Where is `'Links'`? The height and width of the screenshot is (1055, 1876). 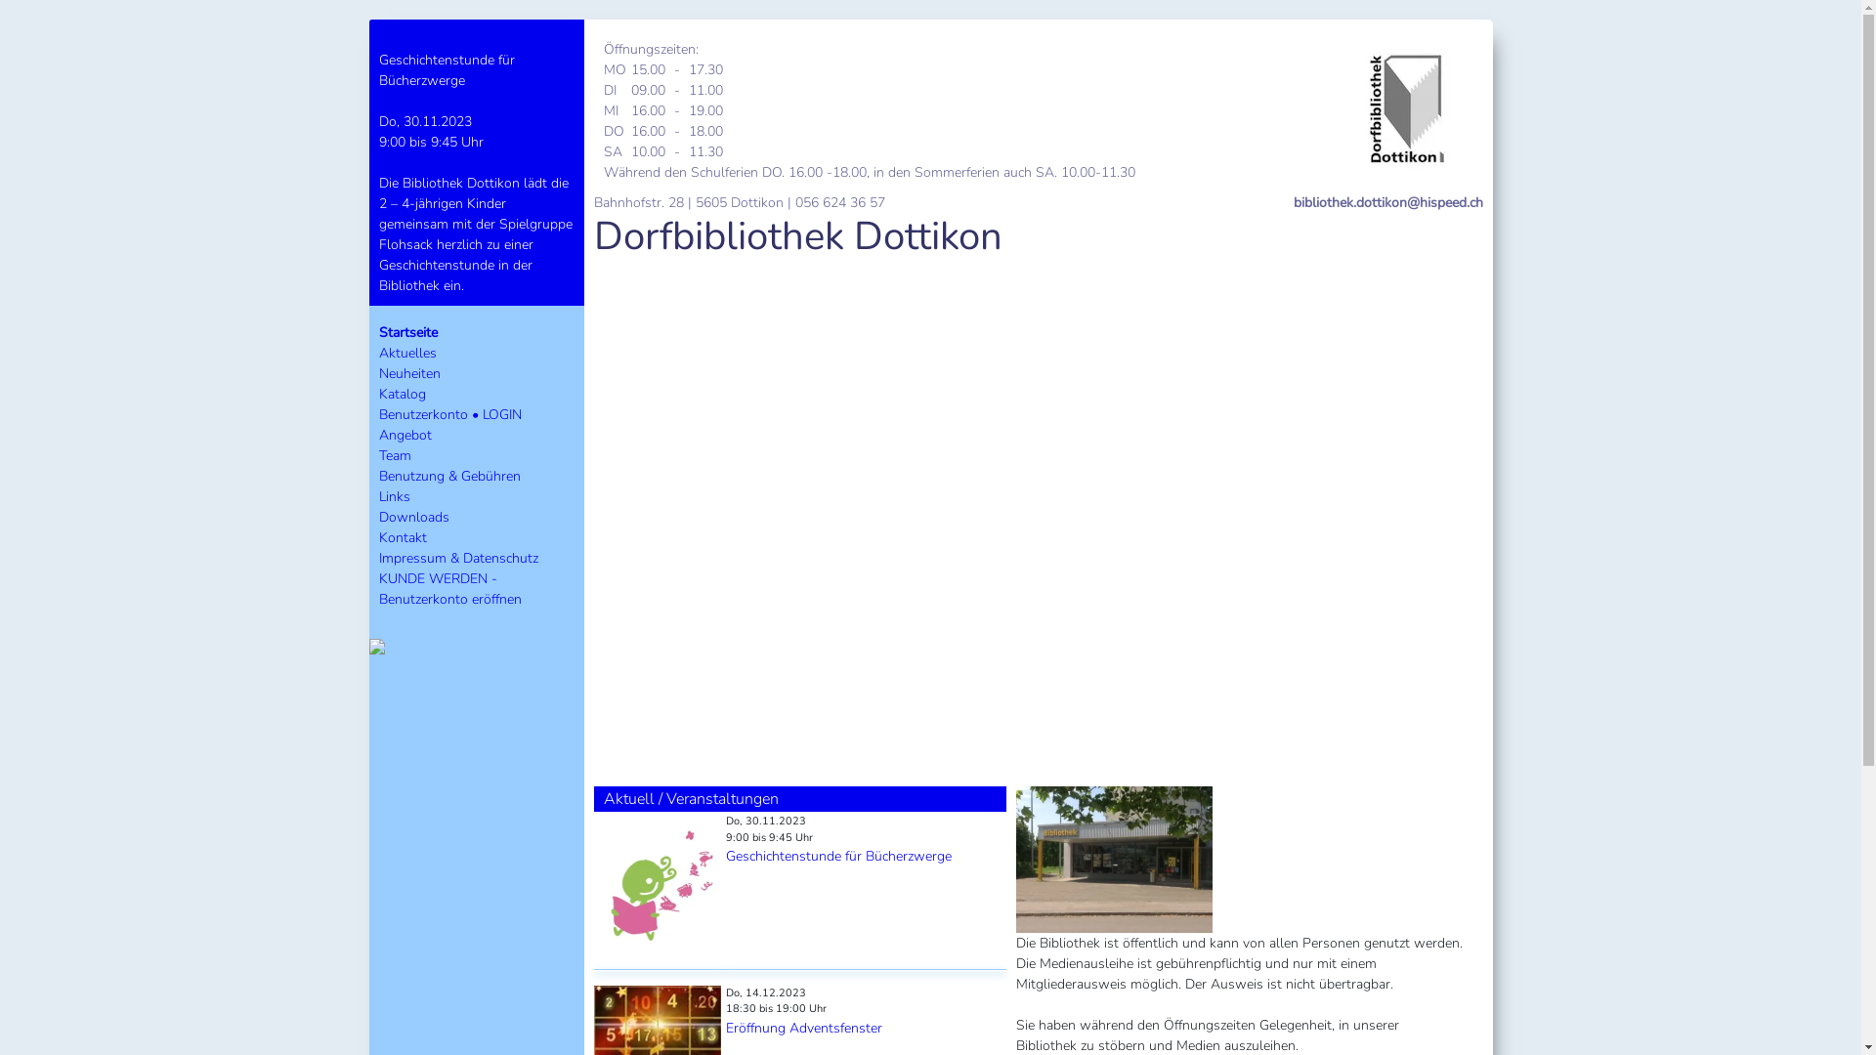
'Links' is located at coordinates (393, 495).